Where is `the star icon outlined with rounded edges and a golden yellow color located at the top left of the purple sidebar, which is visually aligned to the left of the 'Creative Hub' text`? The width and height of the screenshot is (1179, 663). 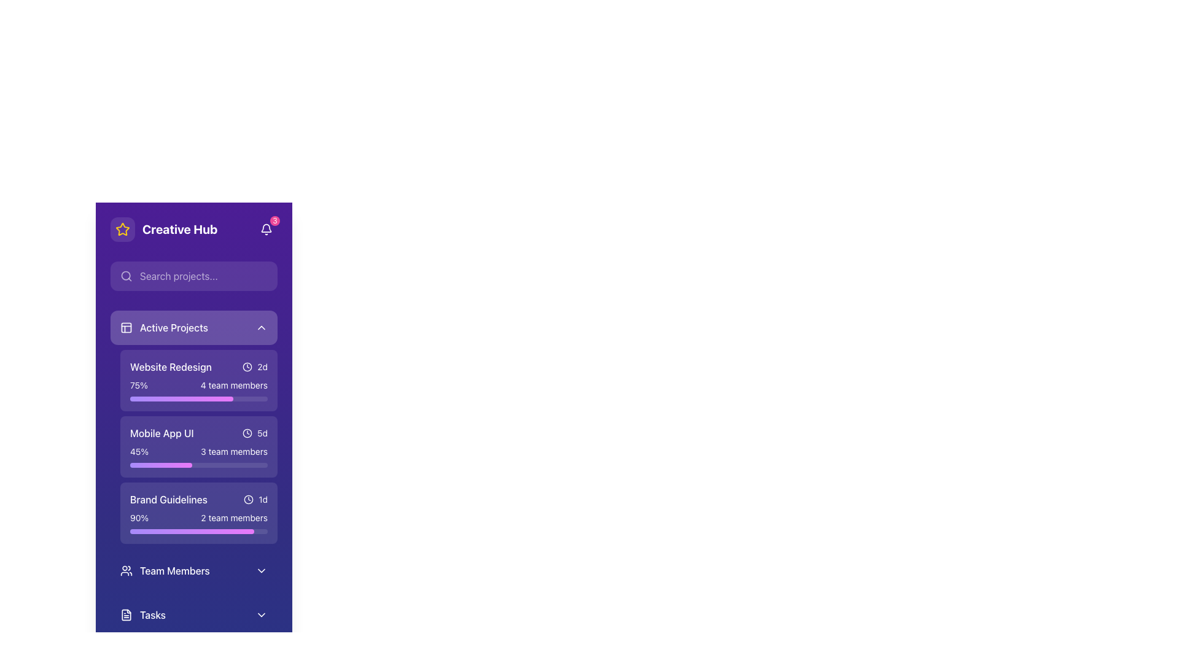
the star icon outlined with rounded edges and a golden yellow color located at the top left of the purple sidebar, which is visually aligned to the left of the 'Creative Hub' text is located at coordinates (123, 230).